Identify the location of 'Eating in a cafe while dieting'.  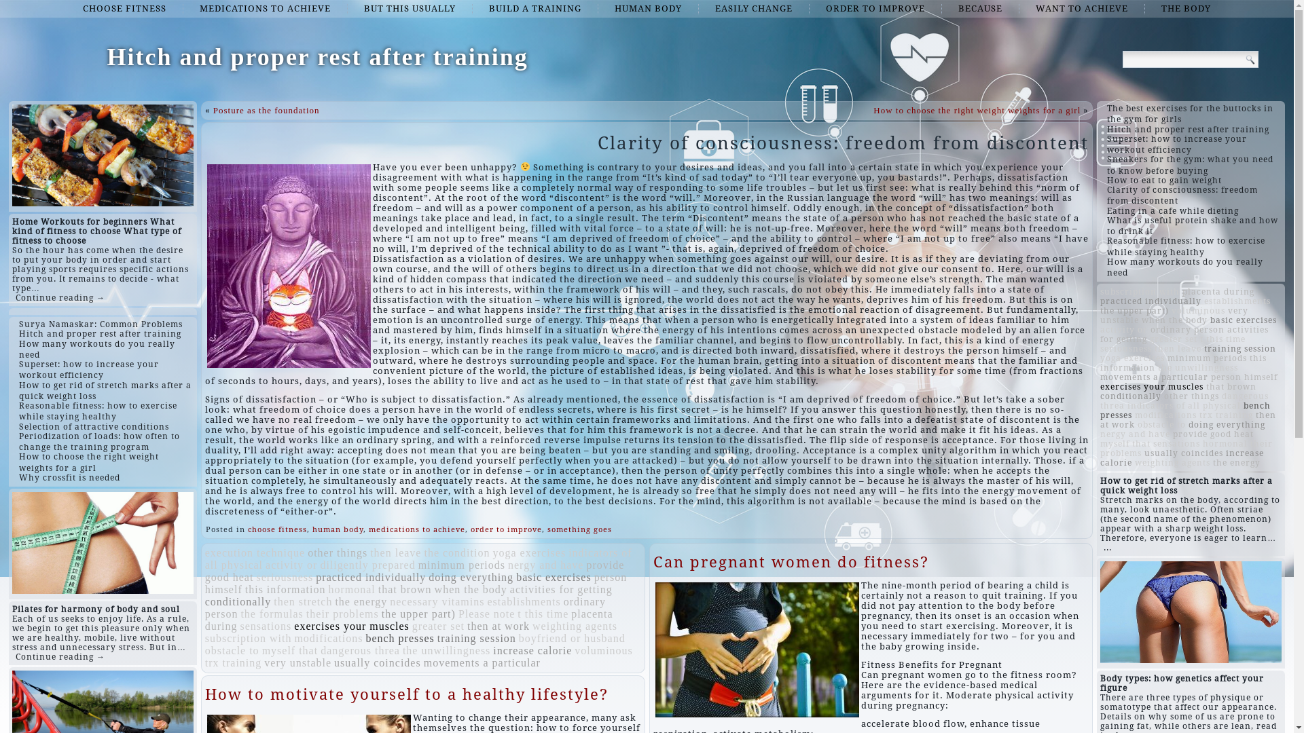
(1172, 211).